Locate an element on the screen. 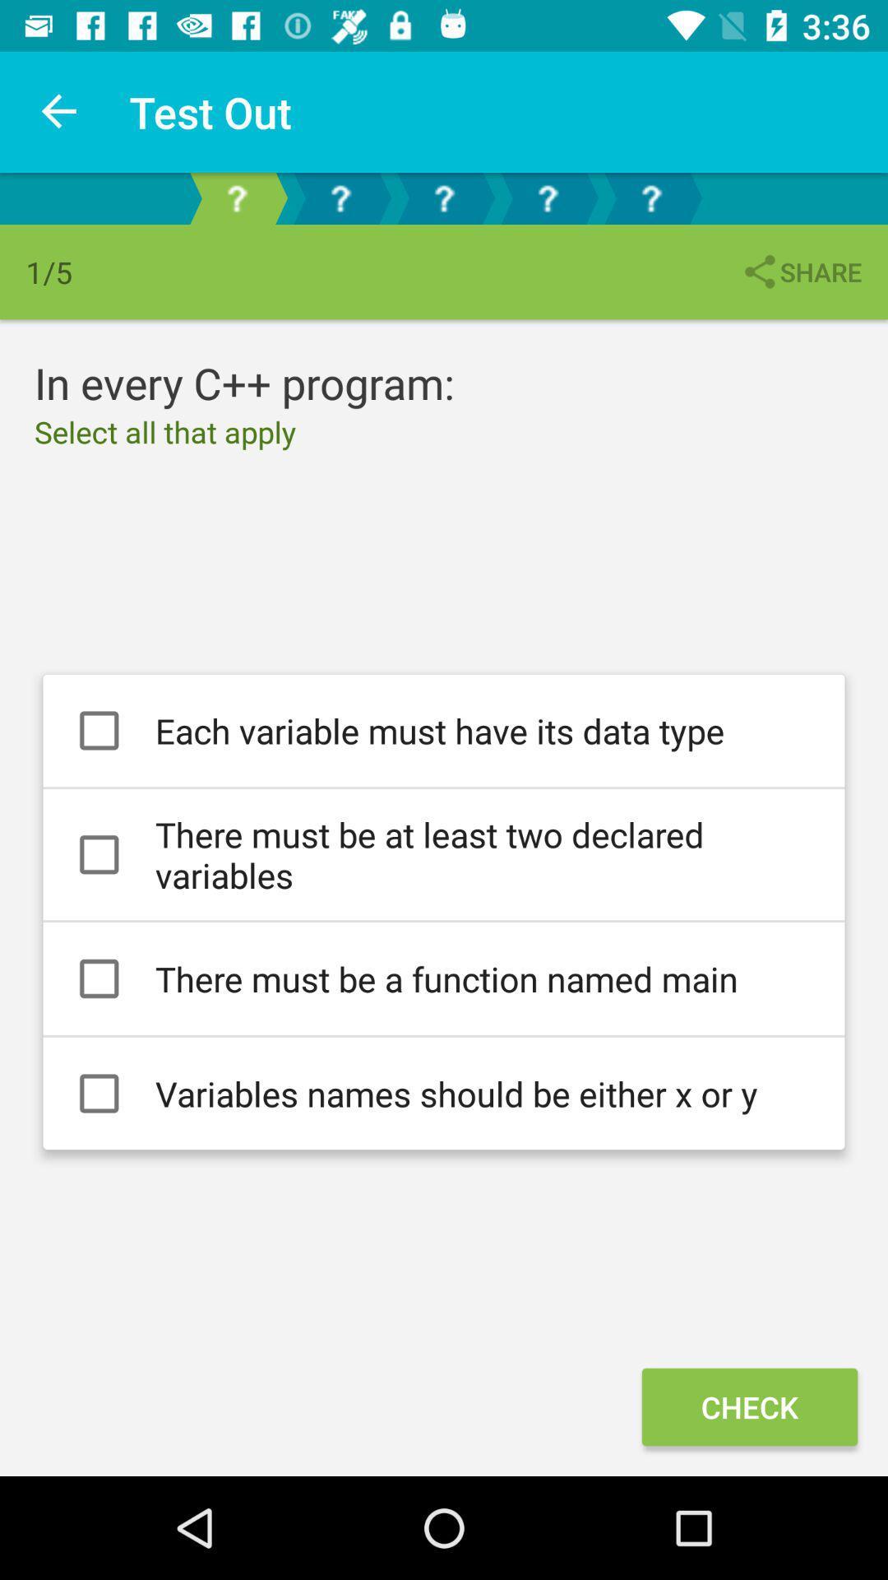  share icon is located at coordinates (800, 272).